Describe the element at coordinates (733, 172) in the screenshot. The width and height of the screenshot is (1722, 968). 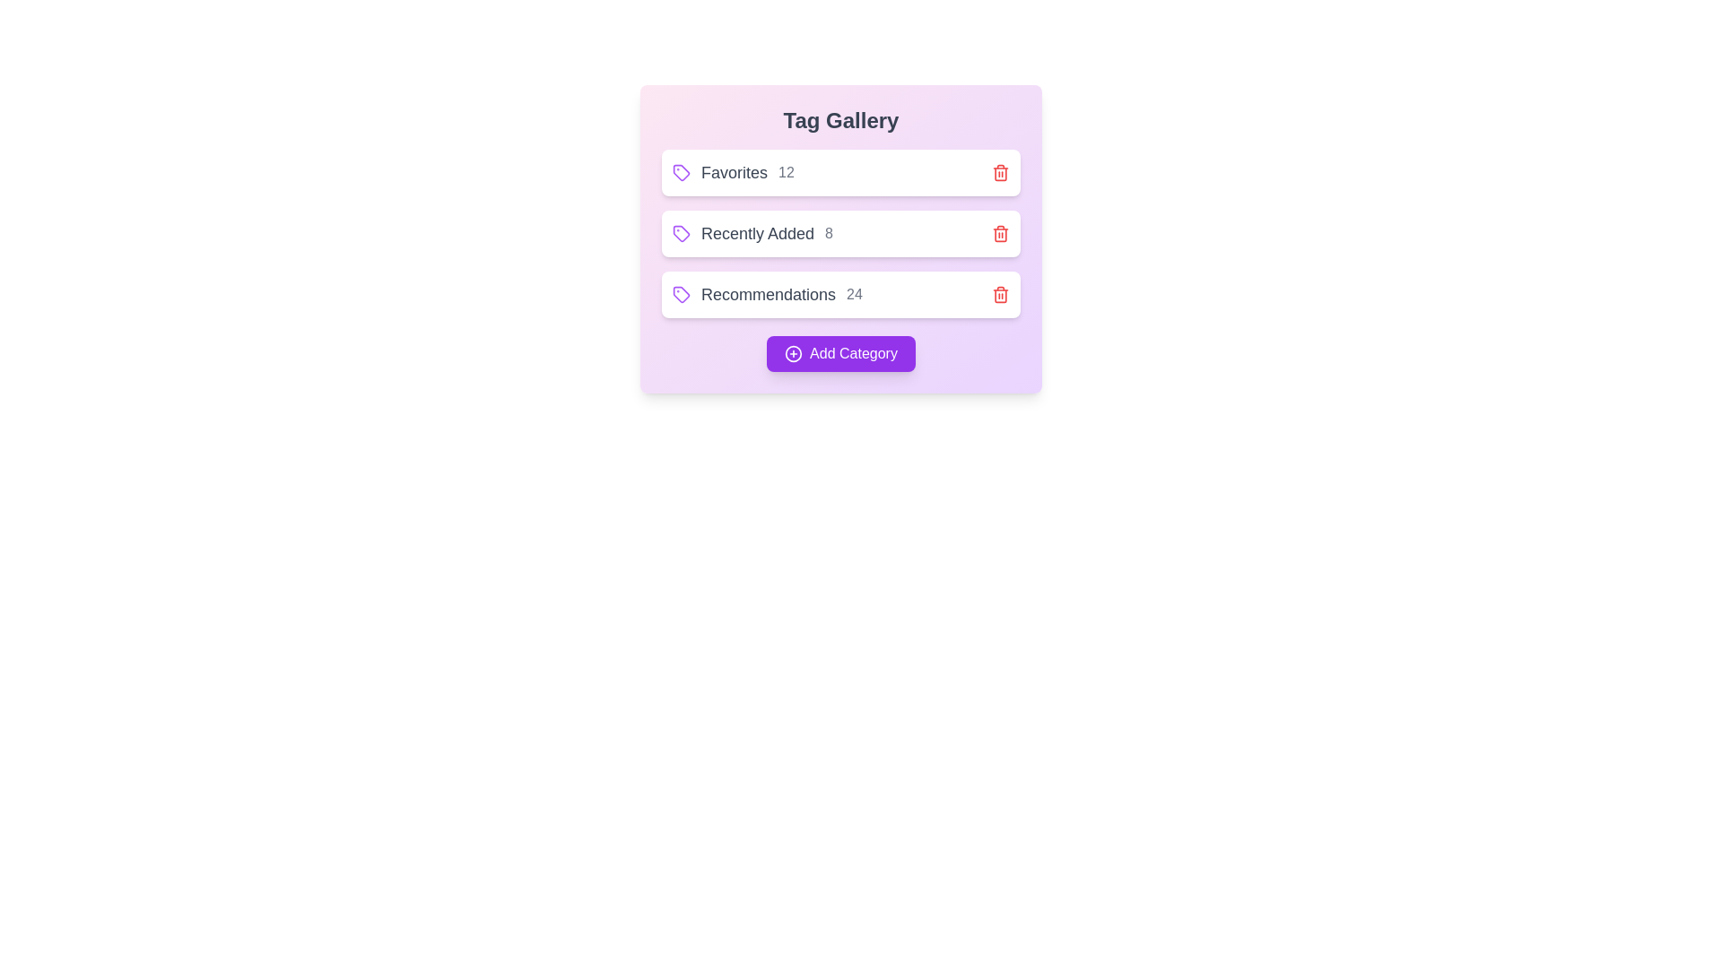
I see `the tag to view its item count` at that location.